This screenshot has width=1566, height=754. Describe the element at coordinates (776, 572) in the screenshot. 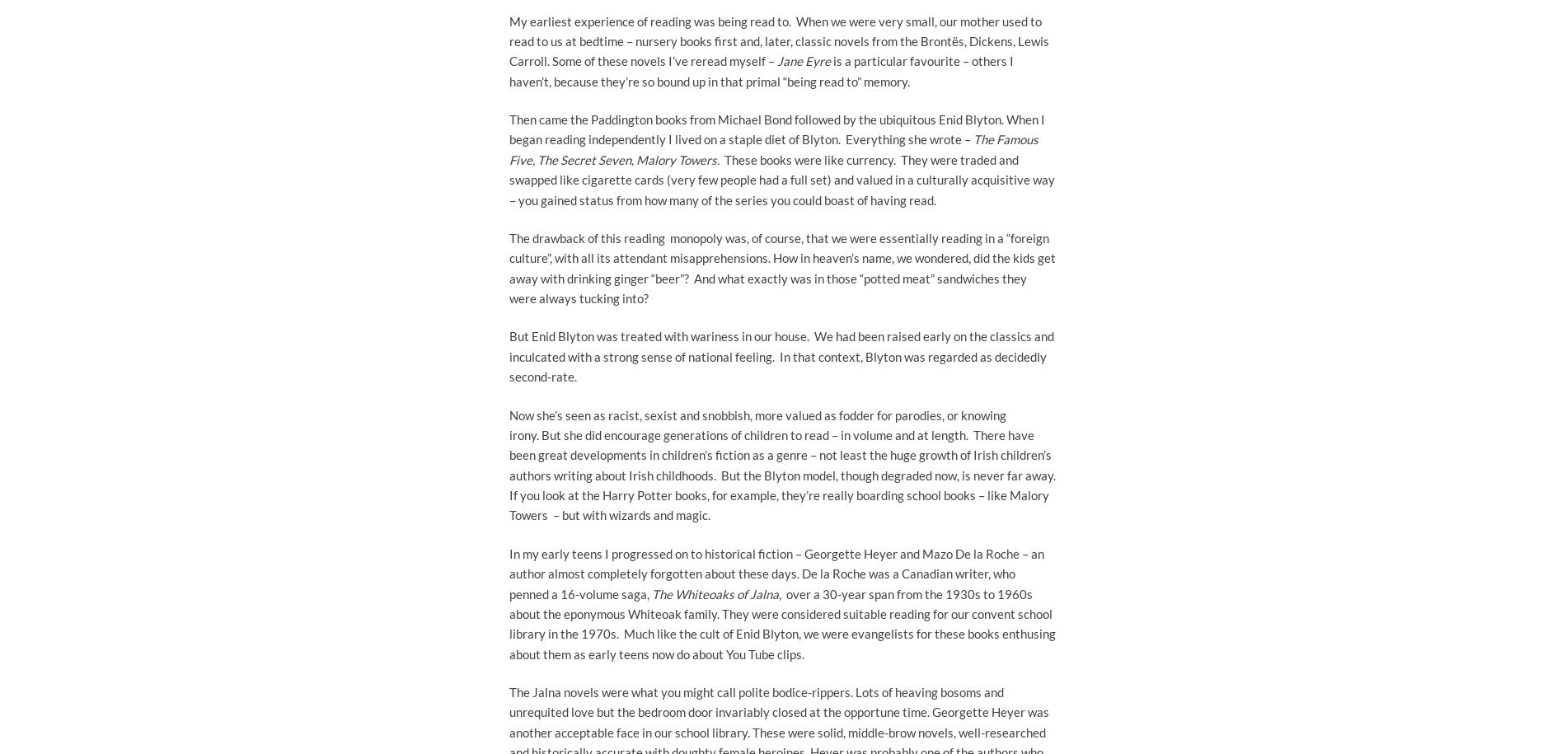

I see `'In my early teens I progressed on to historical fiction – Georgette Heyer and Mazo De la Roche – an author almost completely forgotten about these days. De la Roche was a Canadian writer, who penned a 16-volume saga,'` at that location.